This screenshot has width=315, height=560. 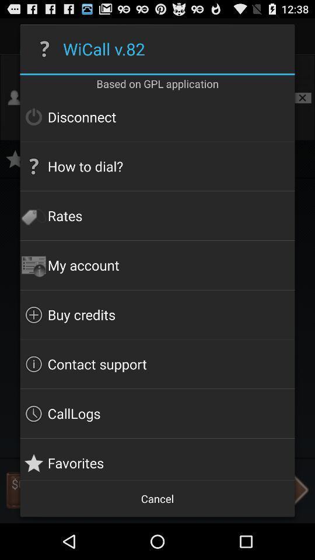 I want to click on the icon above buy credits item, so click(x=157, y=265).